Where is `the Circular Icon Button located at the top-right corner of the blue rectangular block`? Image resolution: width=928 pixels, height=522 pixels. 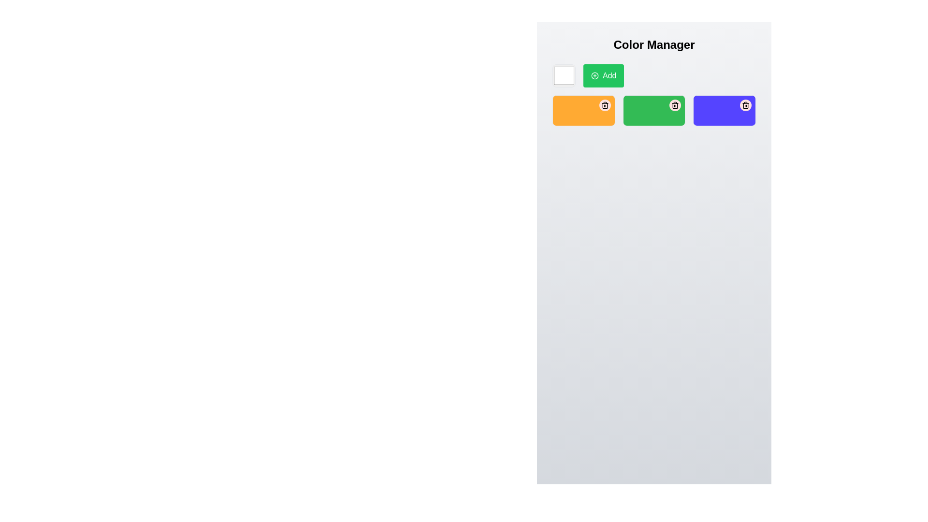
the Circular Icon Button located at the top-right corner of the blue rectangular block is located at coordinates (745, 105).